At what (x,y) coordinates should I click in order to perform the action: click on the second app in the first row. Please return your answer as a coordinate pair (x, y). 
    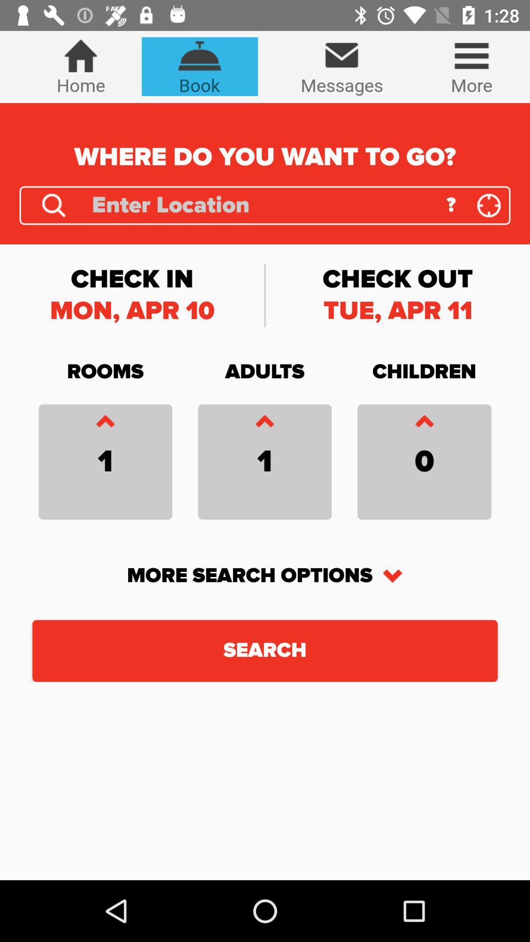
    Looking at the image, I should click on (199, 66).